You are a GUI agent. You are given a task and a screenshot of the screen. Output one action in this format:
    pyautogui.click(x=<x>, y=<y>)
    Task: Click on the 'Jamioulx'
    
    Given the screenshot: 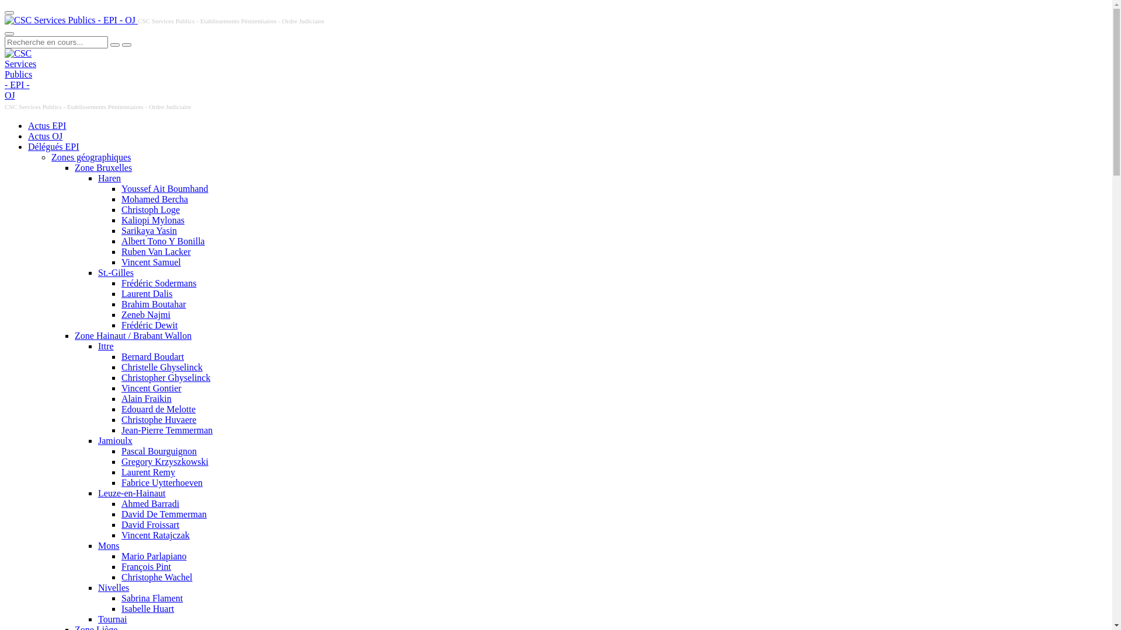 What is the action you would take?
    pyautogui.click(x=98, y=440)
    